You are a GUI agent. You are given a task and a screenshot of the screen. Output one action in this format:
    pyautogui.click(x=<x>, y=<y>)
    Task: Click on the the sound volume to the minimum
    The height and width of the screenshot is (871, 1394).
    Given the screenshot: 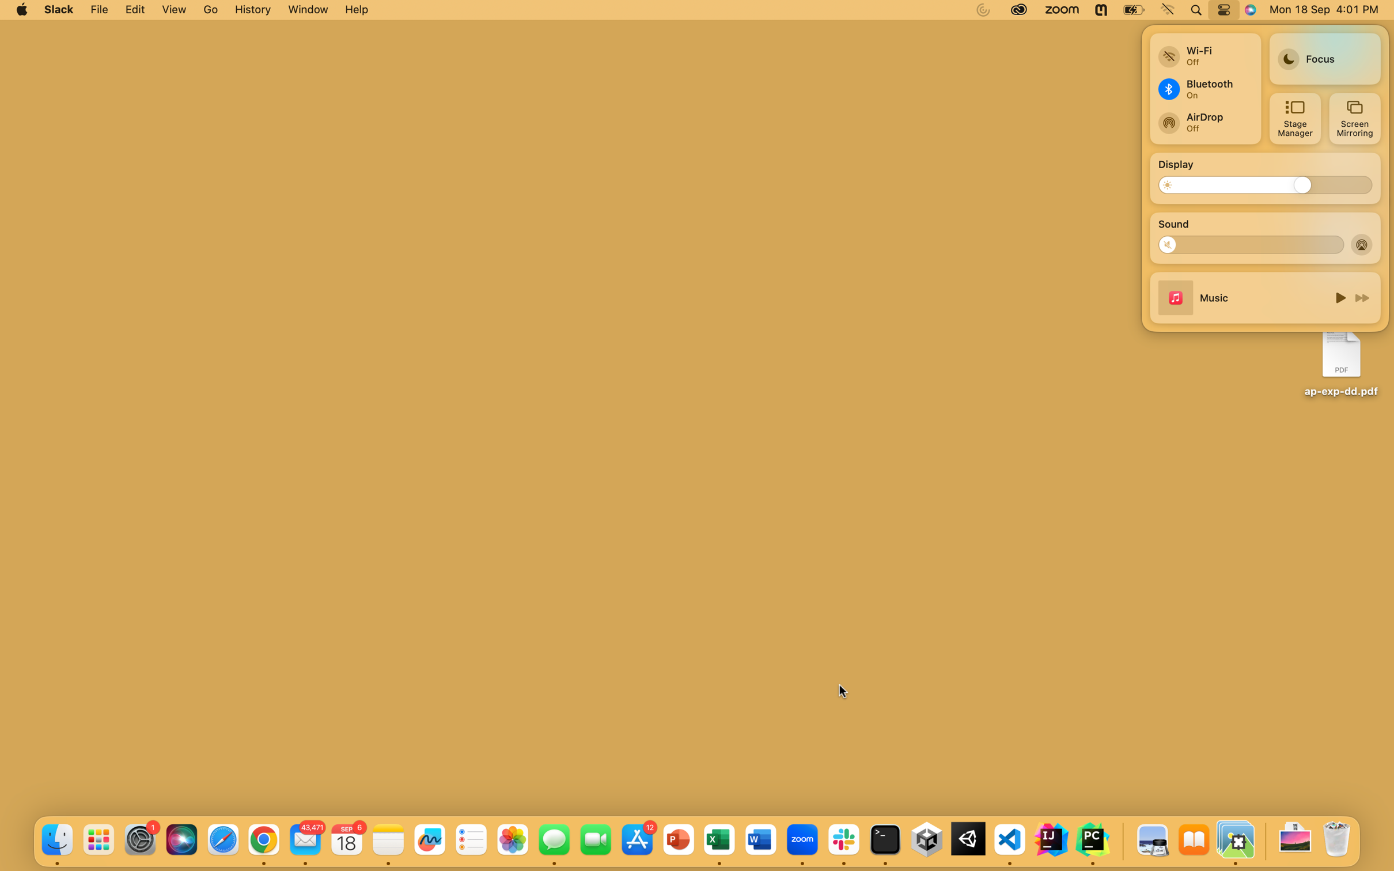 What is the action you would take?
    pyautogui.click(x=1172, y=244)
    